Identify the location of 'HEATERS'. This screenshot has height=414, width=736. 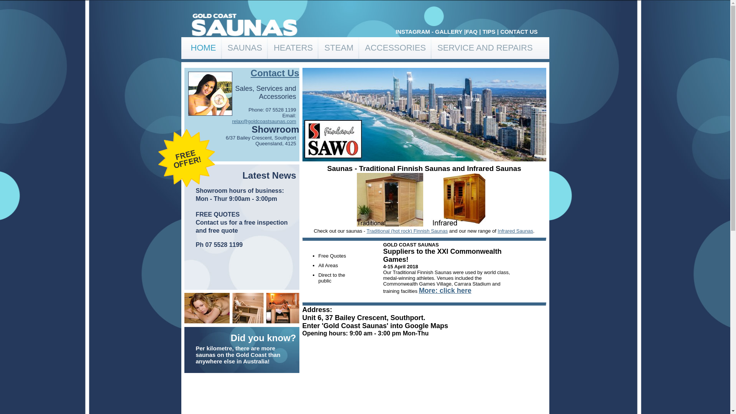
(292, 48).